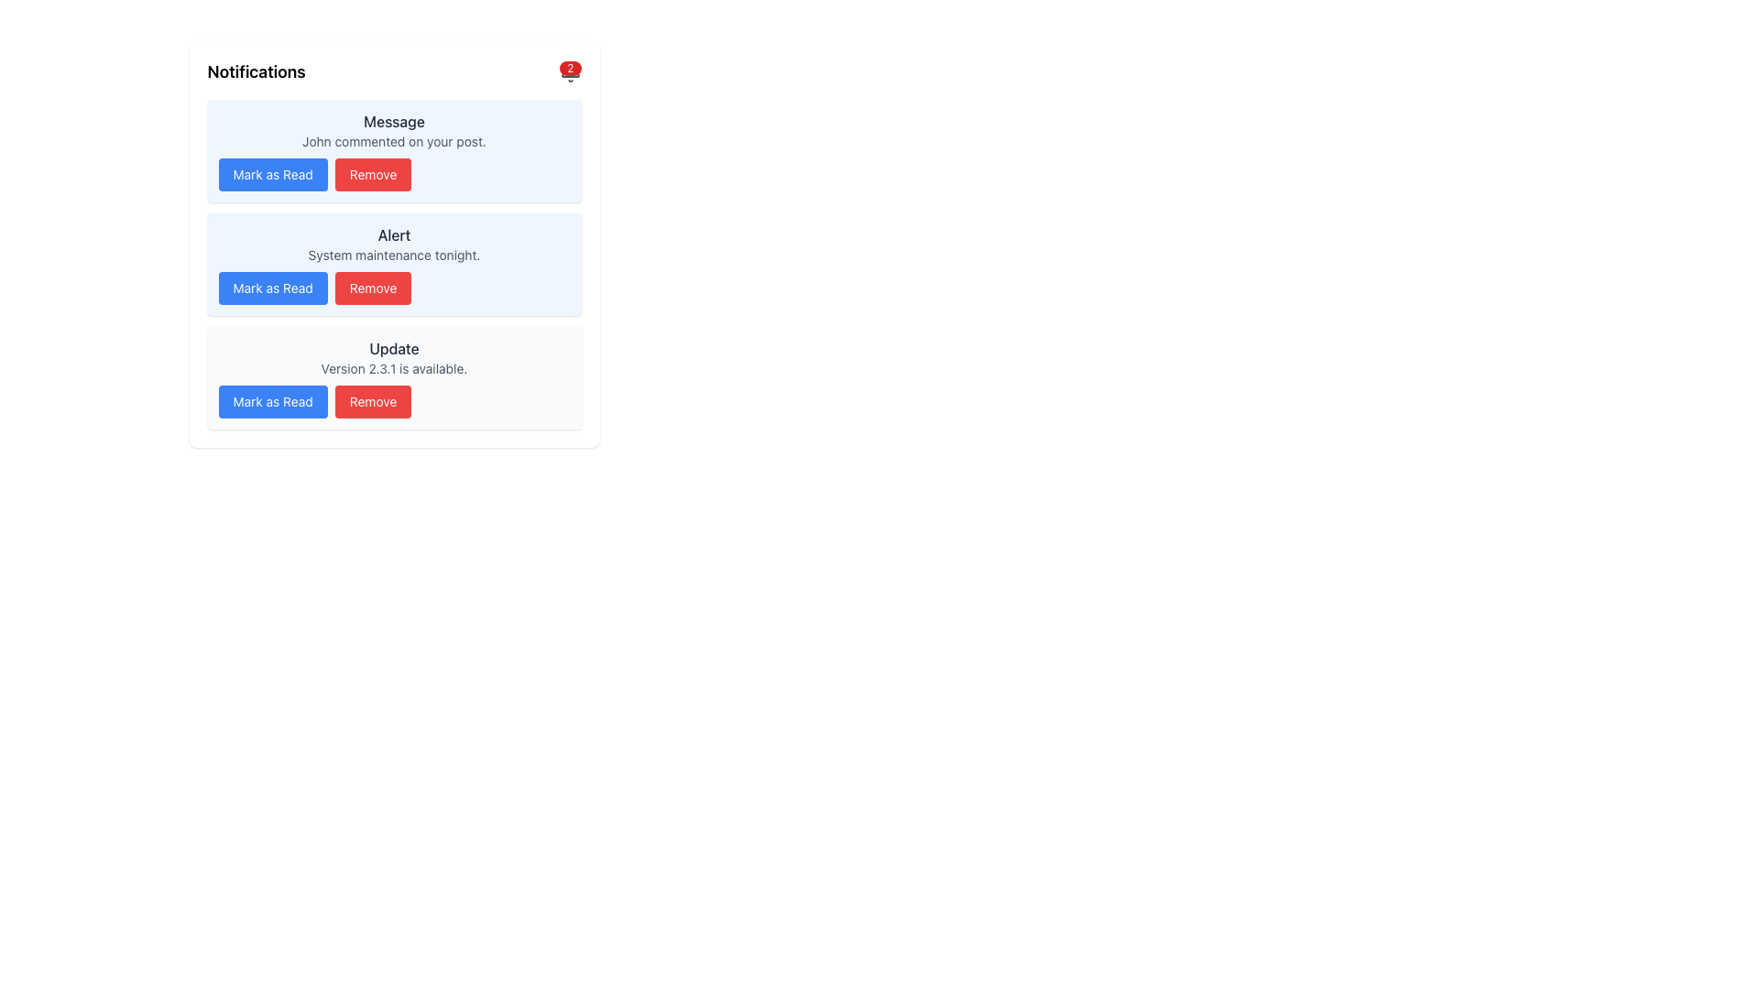  What do you see at coordinates (569, 67) in the screenshot?
I see `the count displayed on the unread notifications badge located in the top-right corner of the notification bell icon` at bounding box center [569, 67].